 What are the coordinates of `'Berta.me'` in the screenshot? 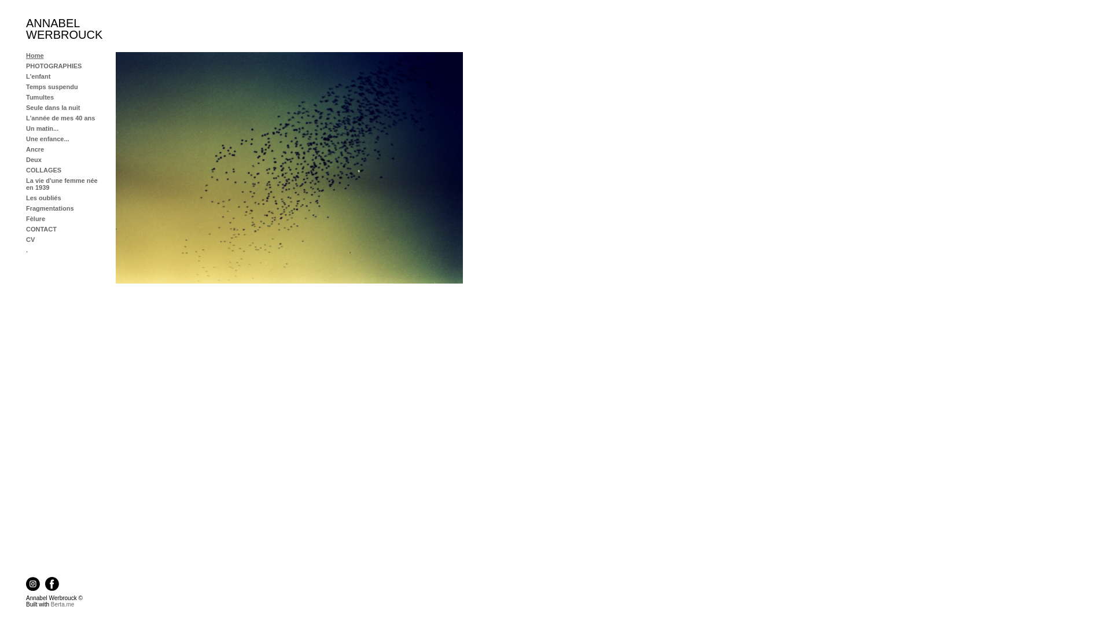 It's located at (62, 604).